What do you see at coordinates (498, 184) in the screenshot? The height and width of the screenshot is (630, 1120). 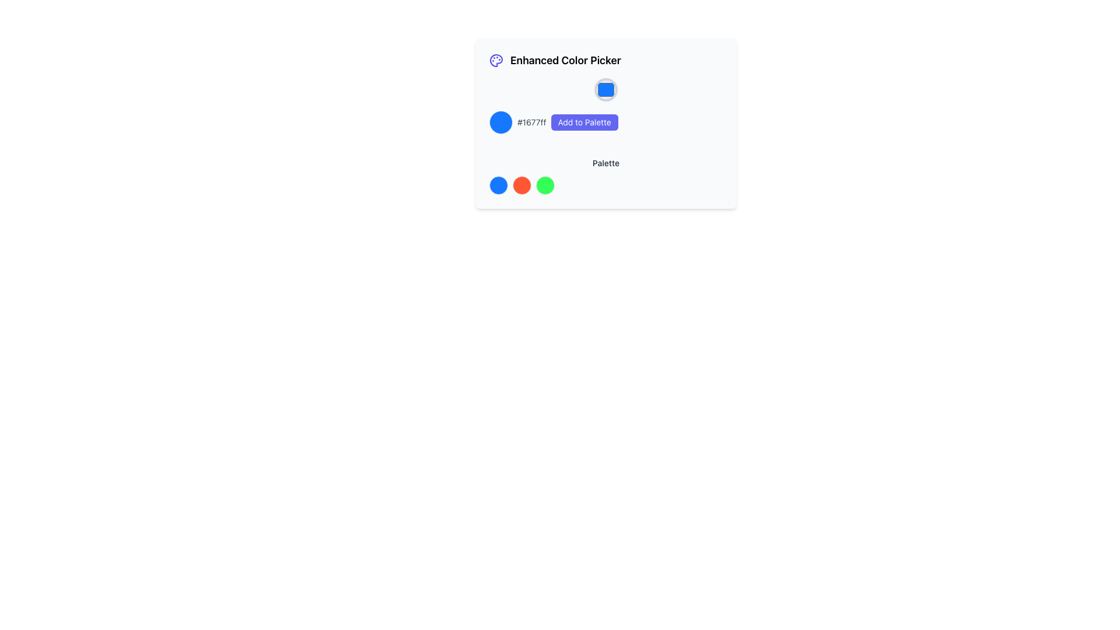 I see `the blue selectable color circle in the Enhanced Color Picker` at bounding box center [498, 184].